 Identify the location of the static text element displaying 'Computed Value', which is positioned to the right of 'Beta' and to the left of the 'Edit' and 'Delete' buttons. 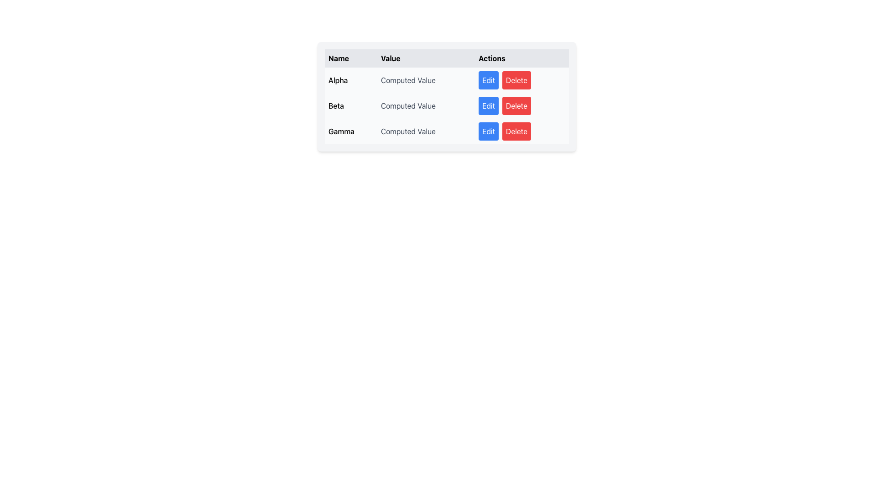
(426, 105).